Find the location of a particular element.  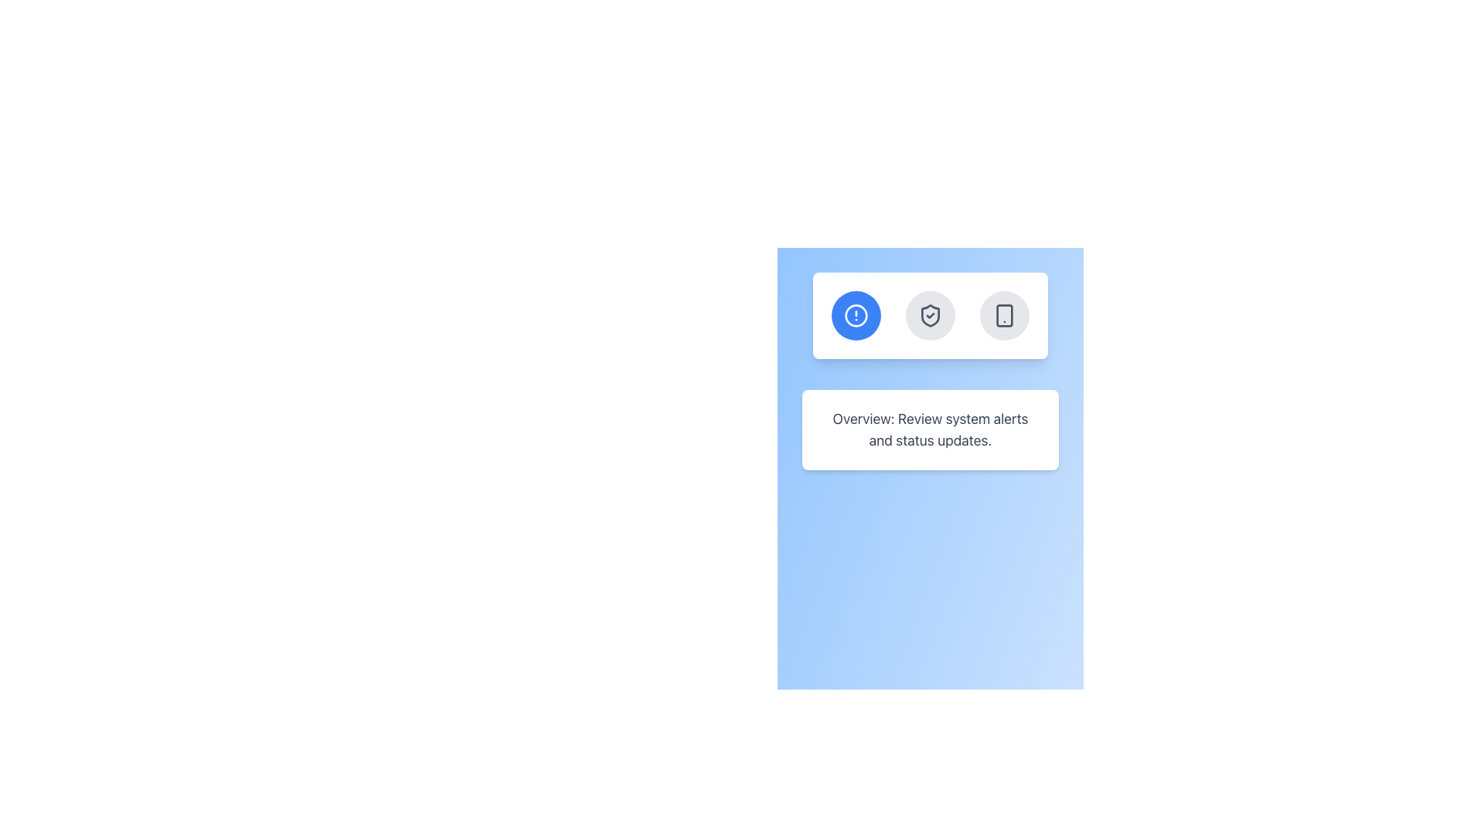

the circular gray button with a shield icon and checkmark in the center, which is the middle button in a row of three buttons is located at coordinates (930, 314).